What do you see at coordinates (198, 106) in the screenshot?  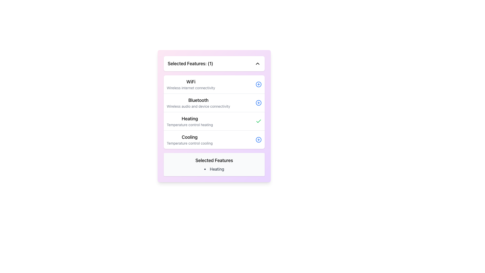 I see `the text label that reads 'Wireless audio and device connectivity', which is styled in a smaller gray font and positioned directly under the 'Bluetooth' heading` at bounding box center [198, 106].